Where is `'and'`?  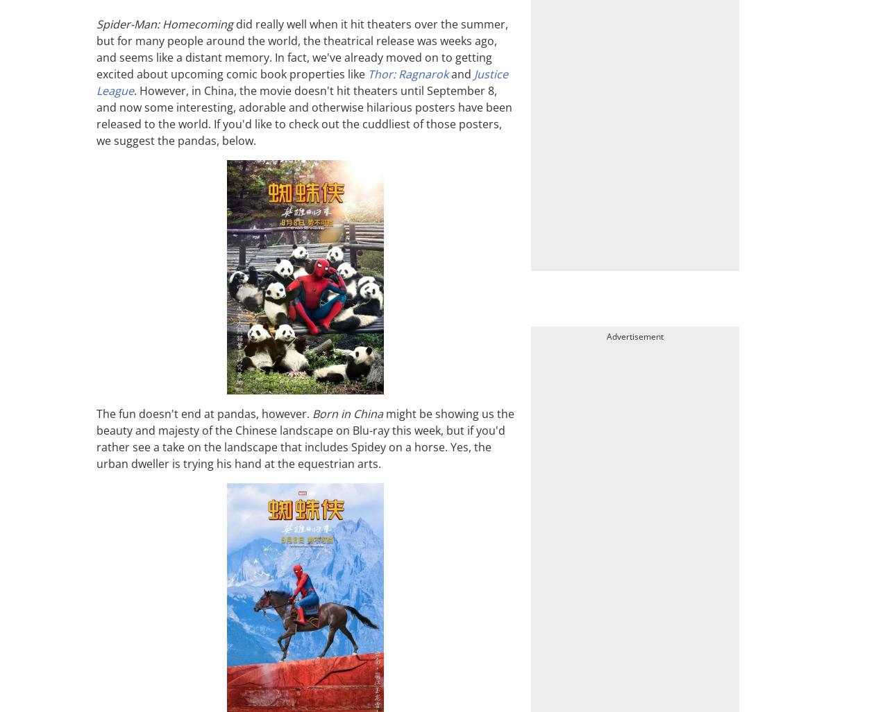
'and' is located at coordinates (460, 72).